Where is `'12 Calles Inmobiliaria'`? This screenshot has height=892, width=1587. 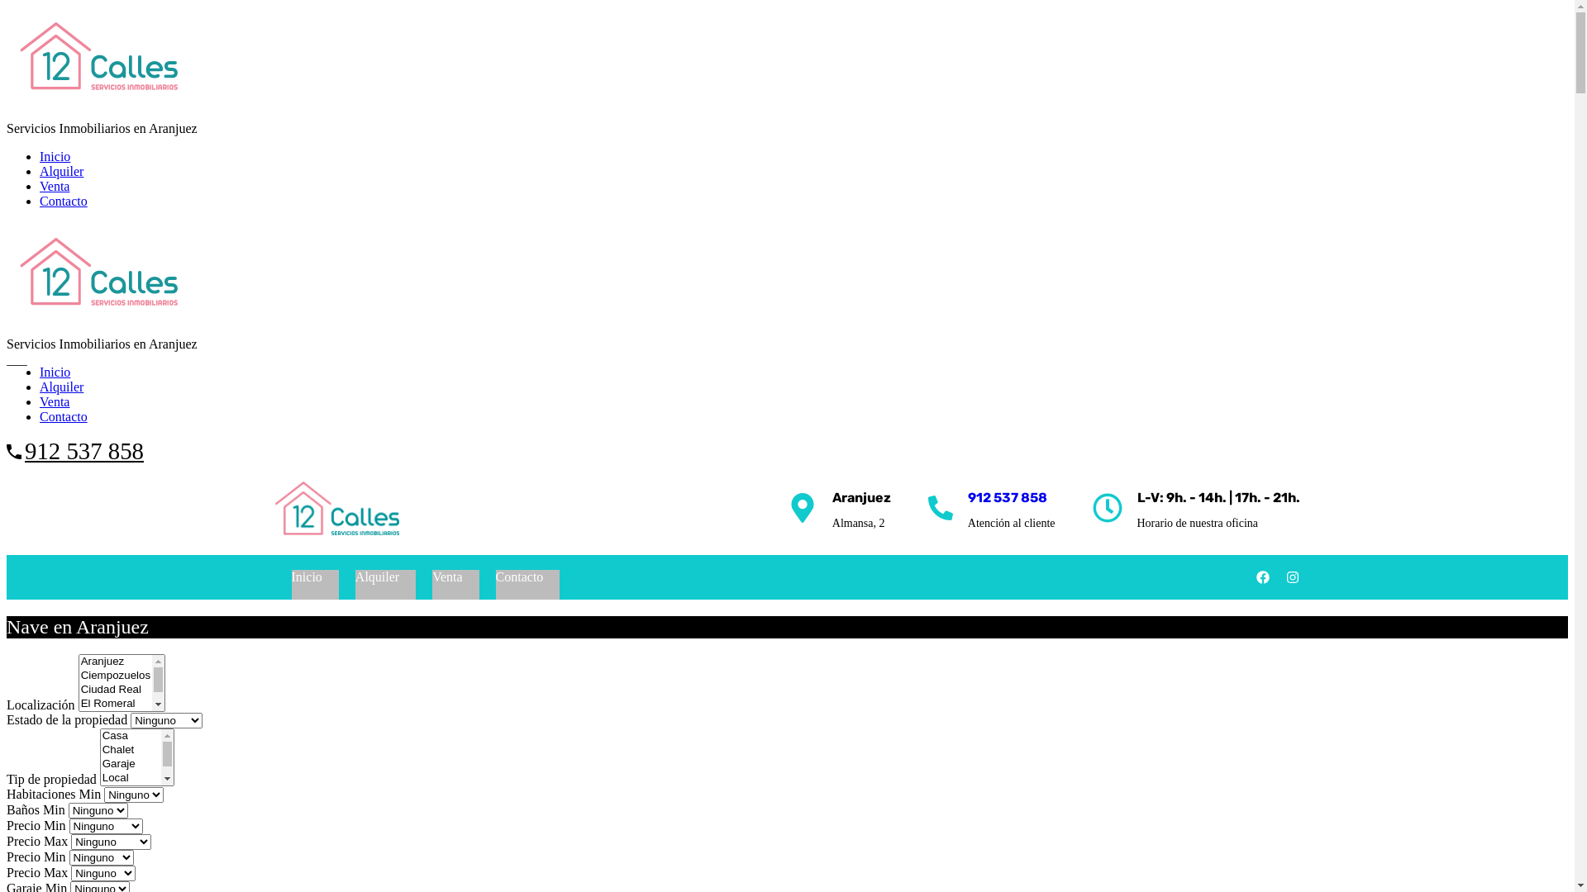
'12 Calles Inmobiliaria' is located at coordinates (336, 509).